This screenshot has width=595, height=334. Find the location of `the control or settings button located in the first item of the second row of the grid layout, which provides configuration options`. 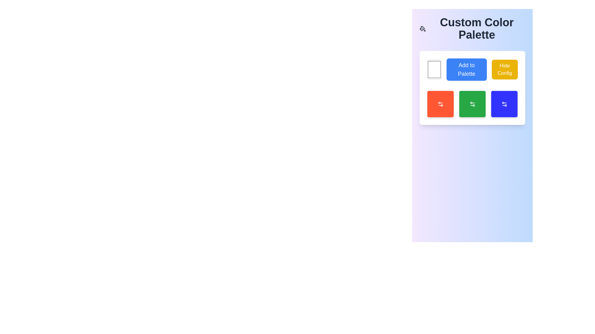

the control or settings button located in the first item of the second row of the grid layout, which provides configuration options is located at coordinates (440, 104).